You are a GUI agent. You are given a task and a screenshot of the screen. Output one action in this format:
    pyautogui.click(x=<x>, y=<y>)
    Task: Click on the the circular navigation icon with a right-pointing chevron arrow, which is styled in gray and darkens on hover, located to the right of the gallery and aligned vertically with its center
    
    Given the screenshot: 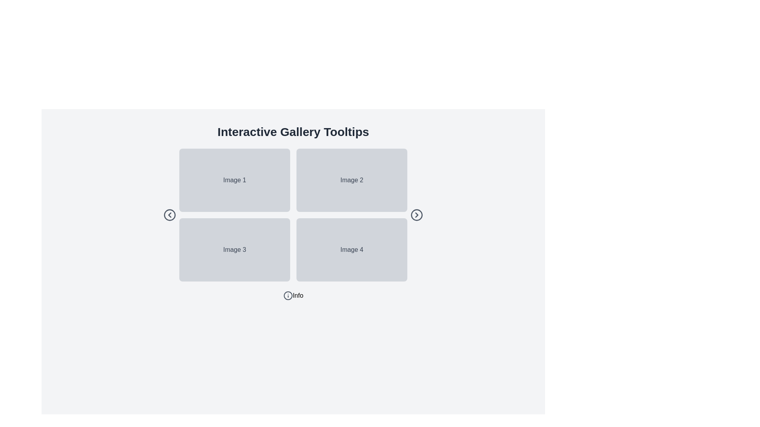 What is the action you would take?
    pyautogui.click(x=416, y=215)
    